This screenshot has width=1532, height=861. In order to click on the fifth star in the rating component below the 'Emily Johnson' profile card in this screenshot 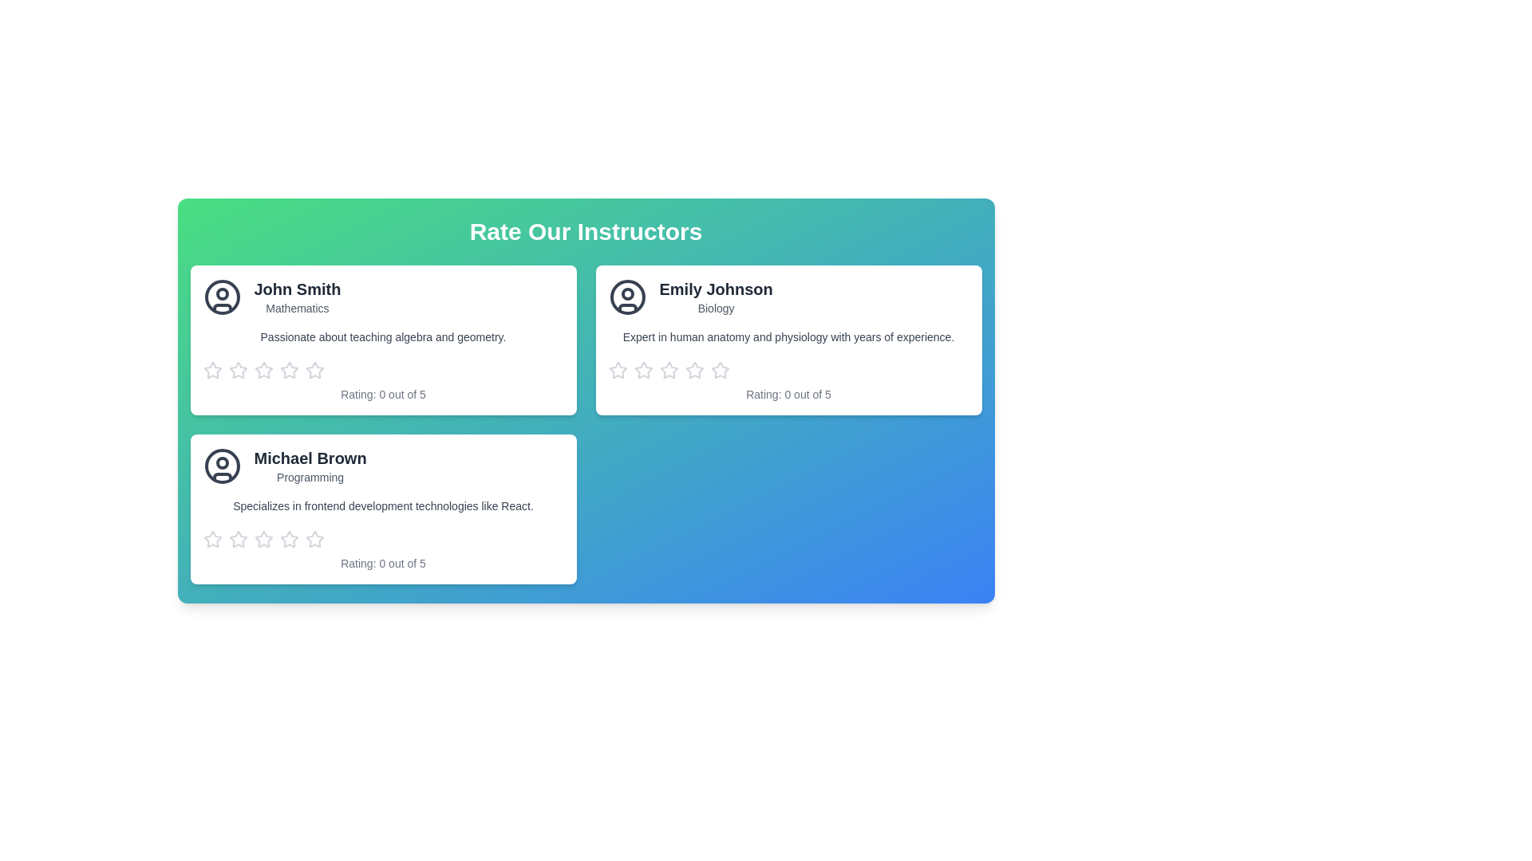, I will do `click(719, 371)`.